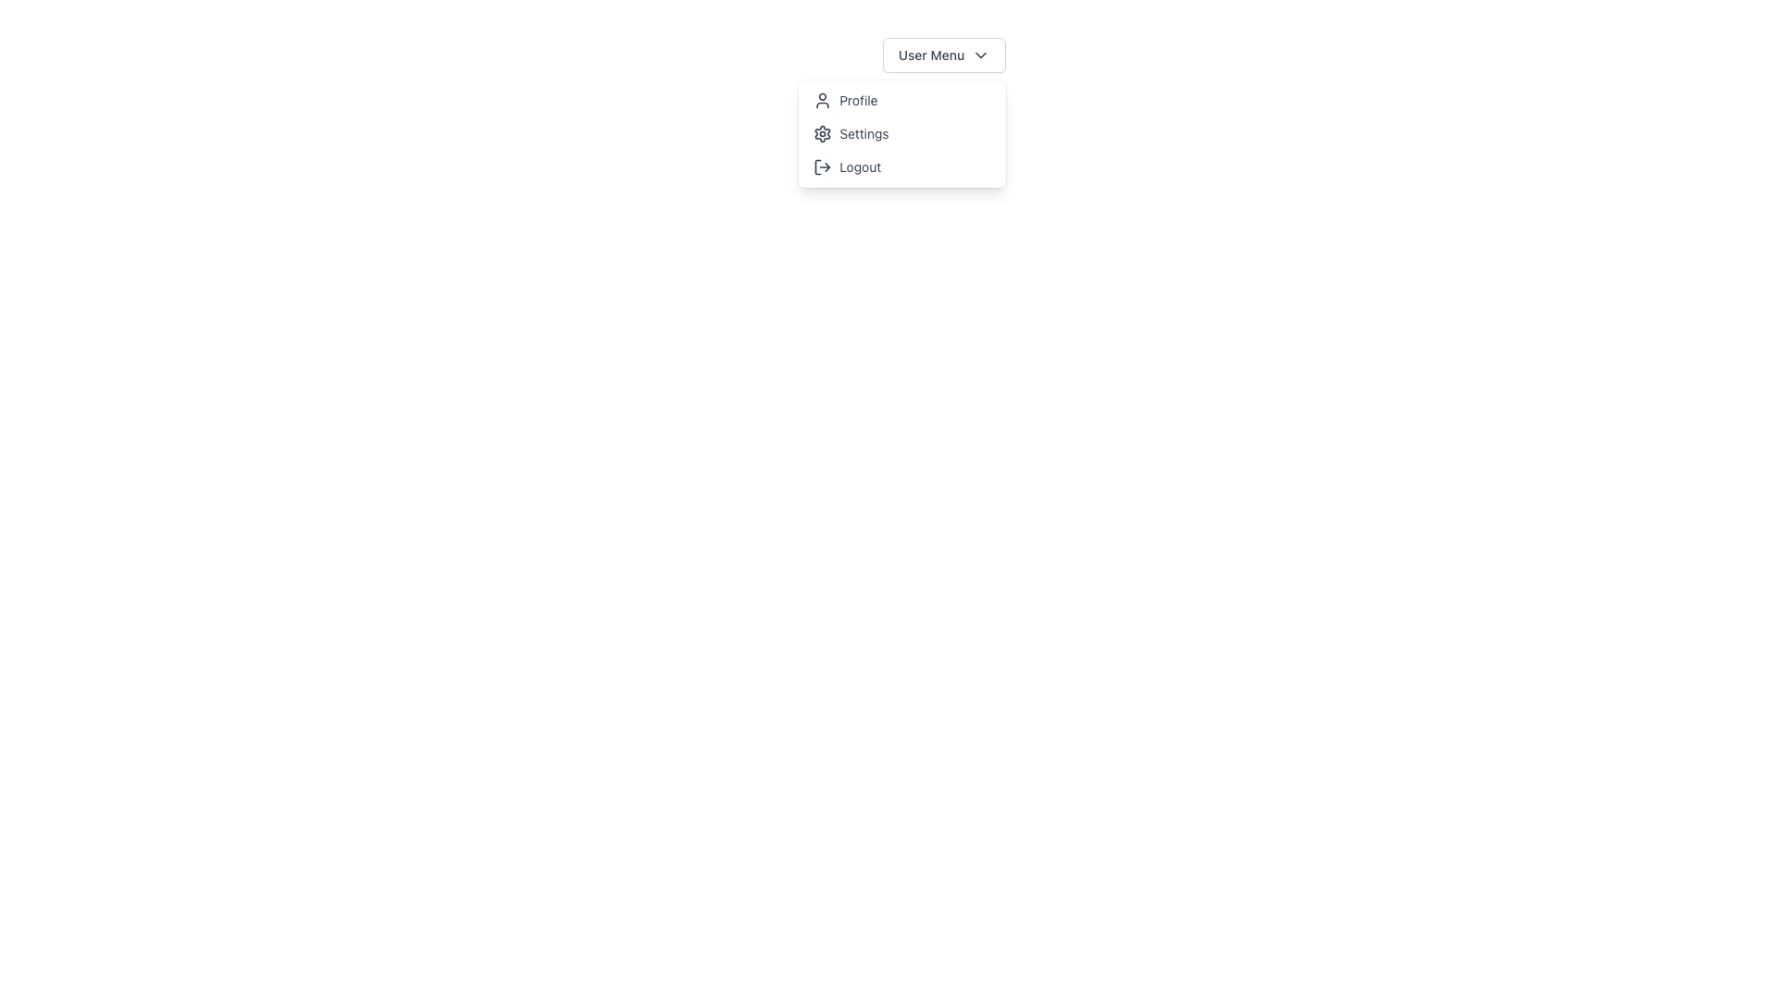 The image size is (1777, 999). What do you see at coordinates (902, 100) in the screenshot?
I see `the first button in the vertical list located below the 'User Menu' dropdown to trigger the hover effect` at bounding box center [902, 100].